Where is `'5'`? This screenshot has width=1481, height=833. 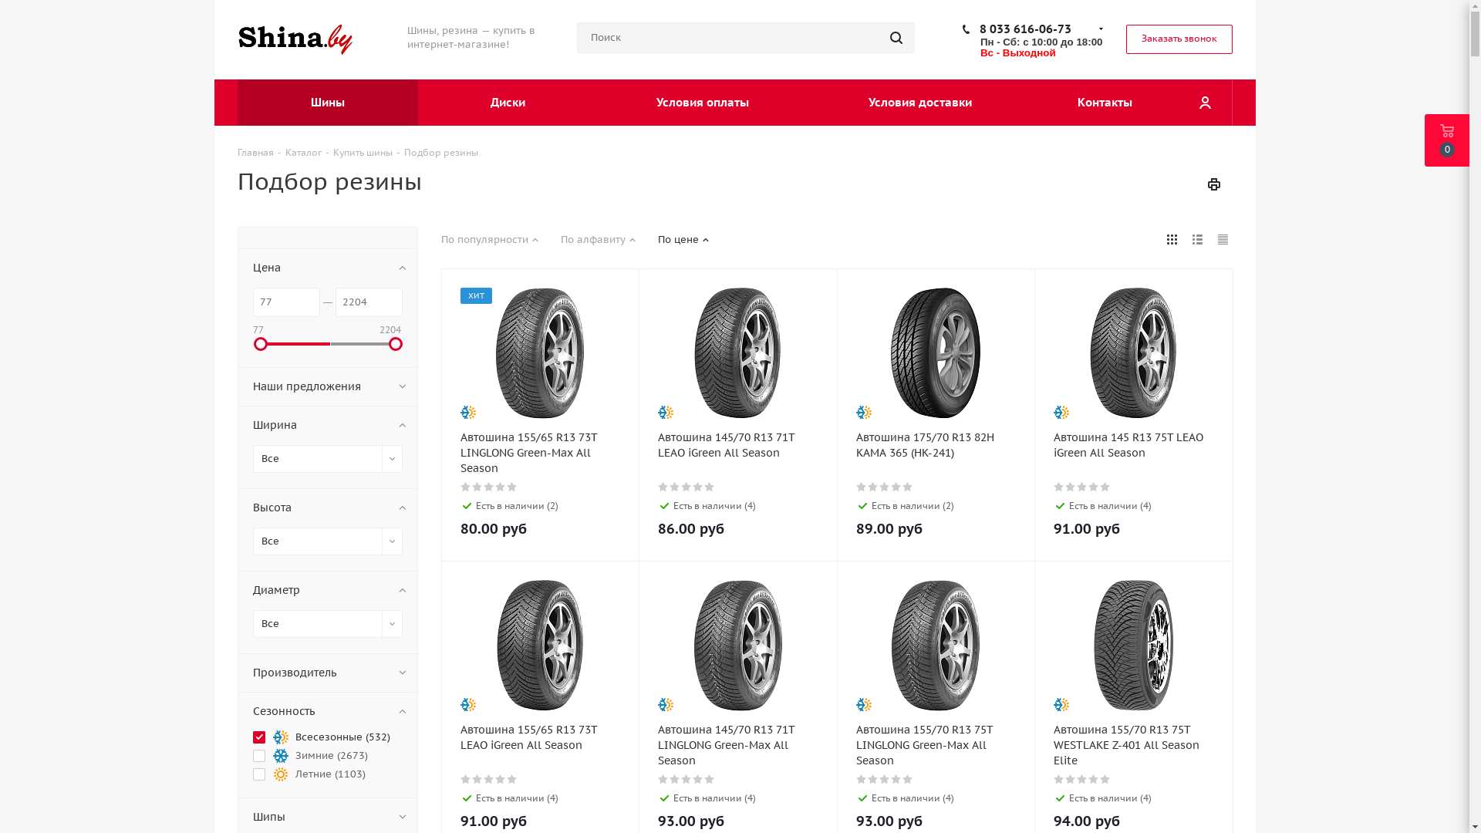 '5' is located at coordinates (506, 779).